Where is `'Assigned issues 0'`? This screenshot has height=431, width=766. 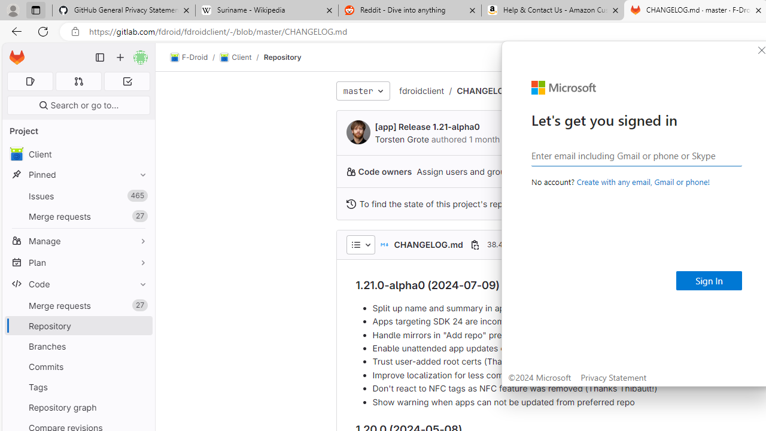
'Assigned issues 0' is located at coordinates (30, 81).